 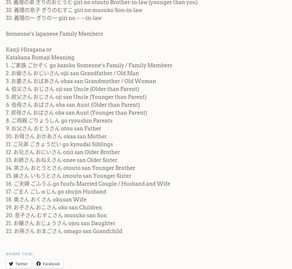 I want to click on '15.	妹さん	いもうとさん	imouto san	Younger Sister', so click(x=68, y=175).